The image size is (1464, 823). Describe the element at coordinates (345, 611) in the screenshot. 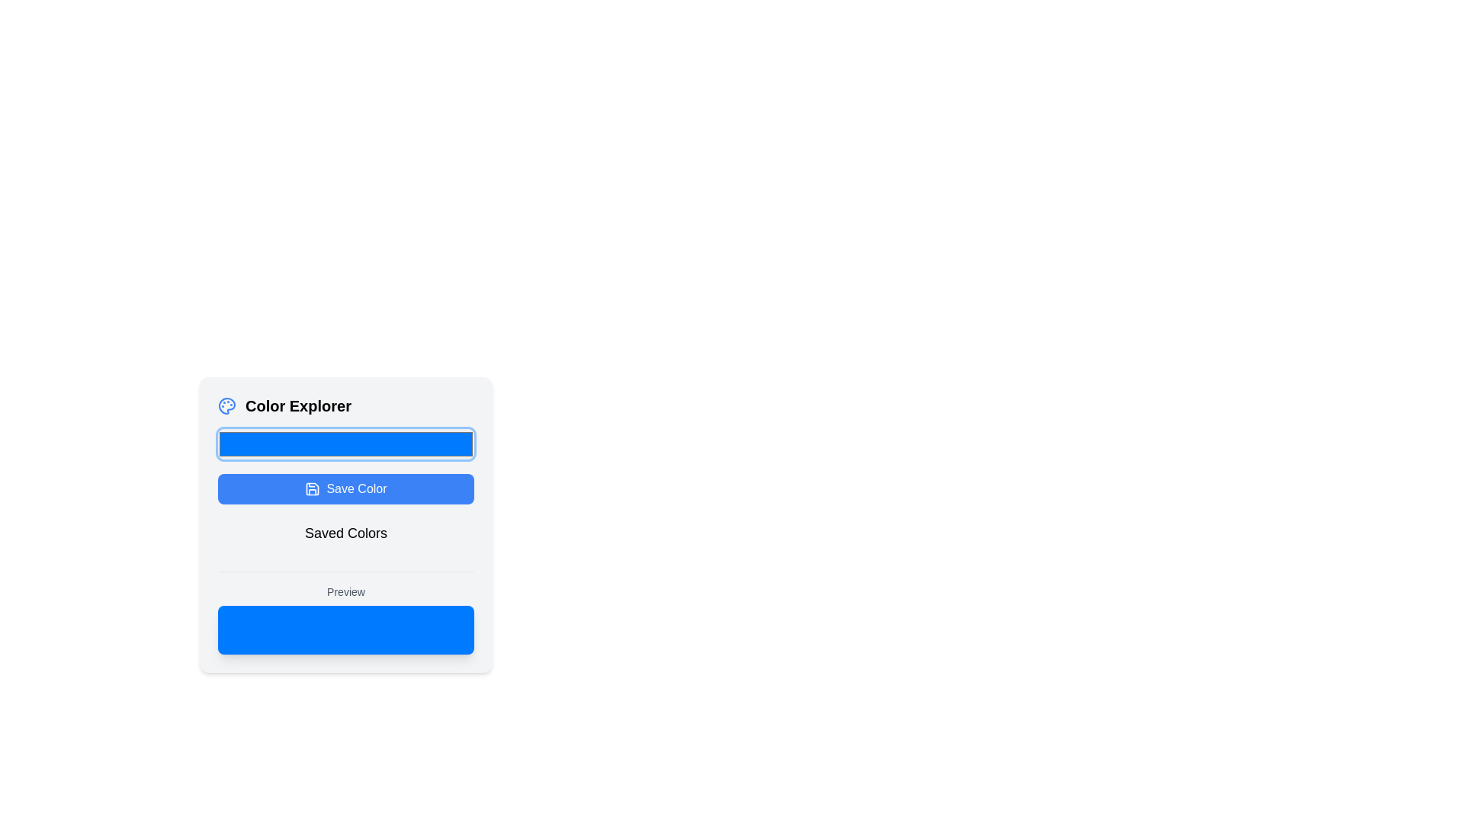

I see `the static display area located at the bottom of the 'Color Explorer' interface, which displays a preview related to the selected color or content` at that location.